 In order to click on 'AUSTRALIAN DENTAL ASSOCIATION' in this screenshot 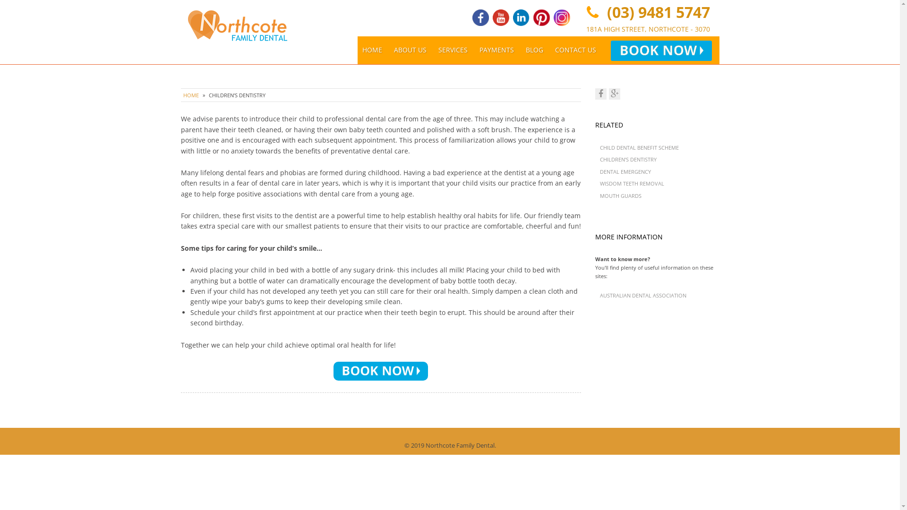, I will do `click(642, 295)`.